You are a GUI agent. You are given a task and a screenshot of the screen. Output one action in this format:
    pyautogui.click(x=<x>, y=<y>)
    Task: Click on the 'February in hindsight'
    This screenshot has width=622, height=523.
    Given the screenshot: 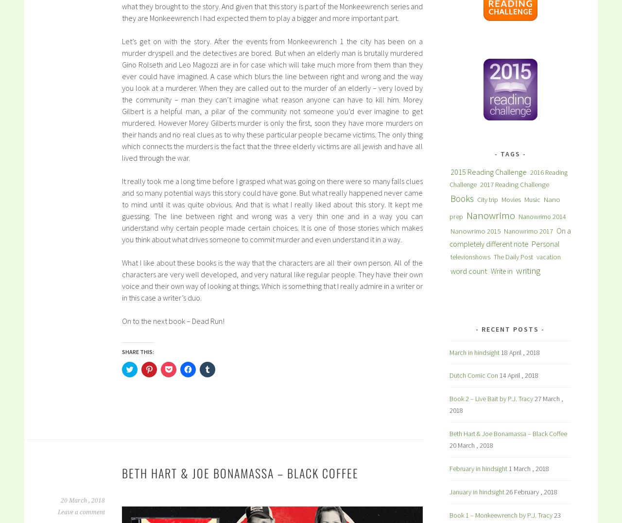 What is the action you would take?
    pyautogui.click(x=478, y=468)
    